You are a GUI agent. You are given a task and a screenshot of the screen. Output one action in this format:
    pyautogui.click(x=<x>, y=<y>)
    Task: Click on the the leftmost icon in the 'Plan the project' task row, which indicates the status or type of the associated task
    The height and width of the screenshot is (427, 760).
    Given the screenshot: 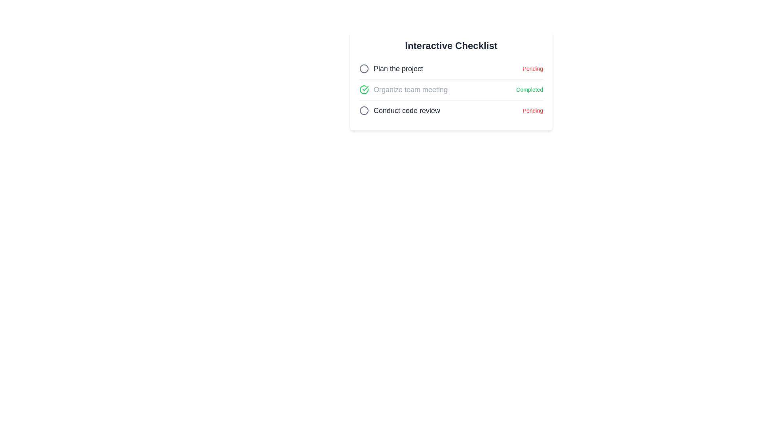 What is the action you would take?
    pyautogui.click(x=364, y=68)
    